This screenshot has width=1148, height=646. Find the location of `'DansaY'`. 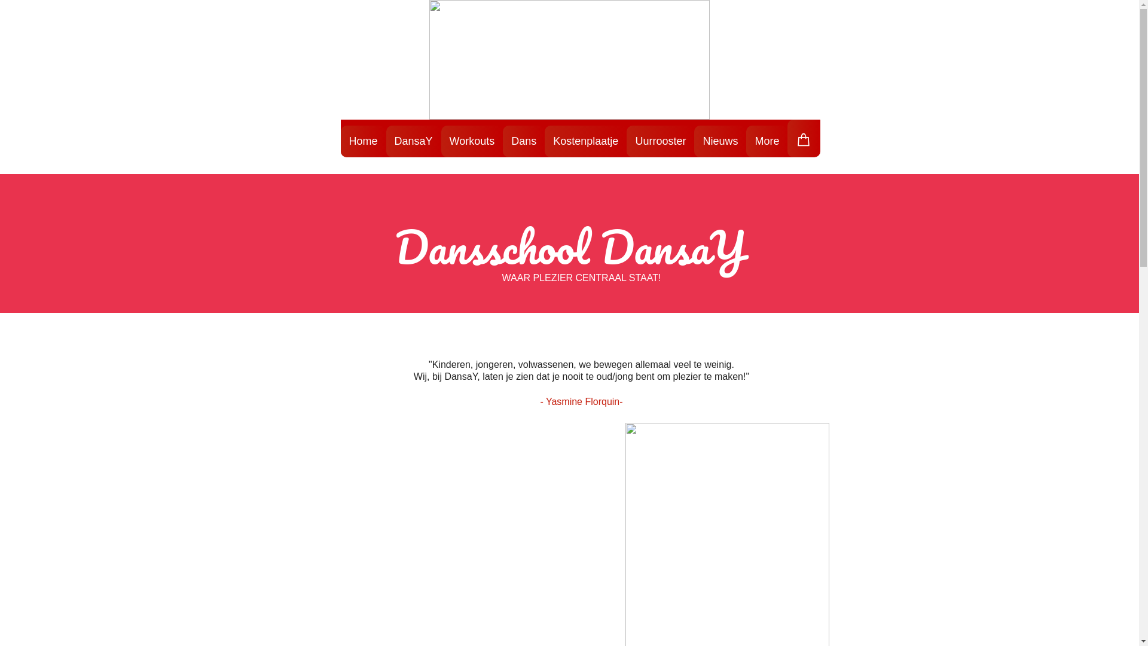

'DansaY' is located at coordinates (413, 141).